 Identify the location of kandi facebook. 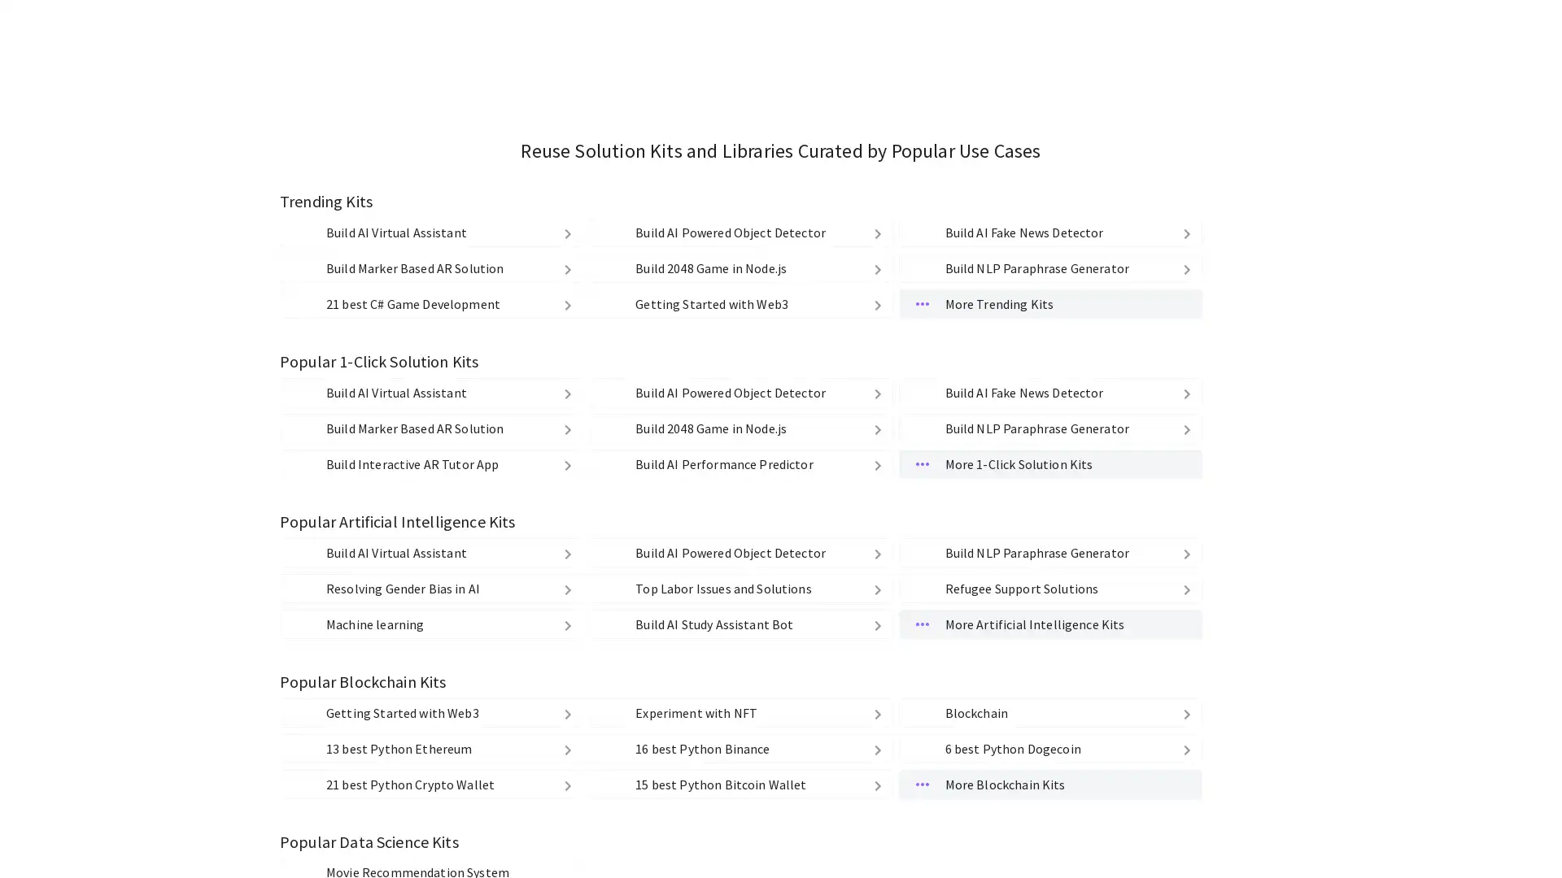
(1450, 55).